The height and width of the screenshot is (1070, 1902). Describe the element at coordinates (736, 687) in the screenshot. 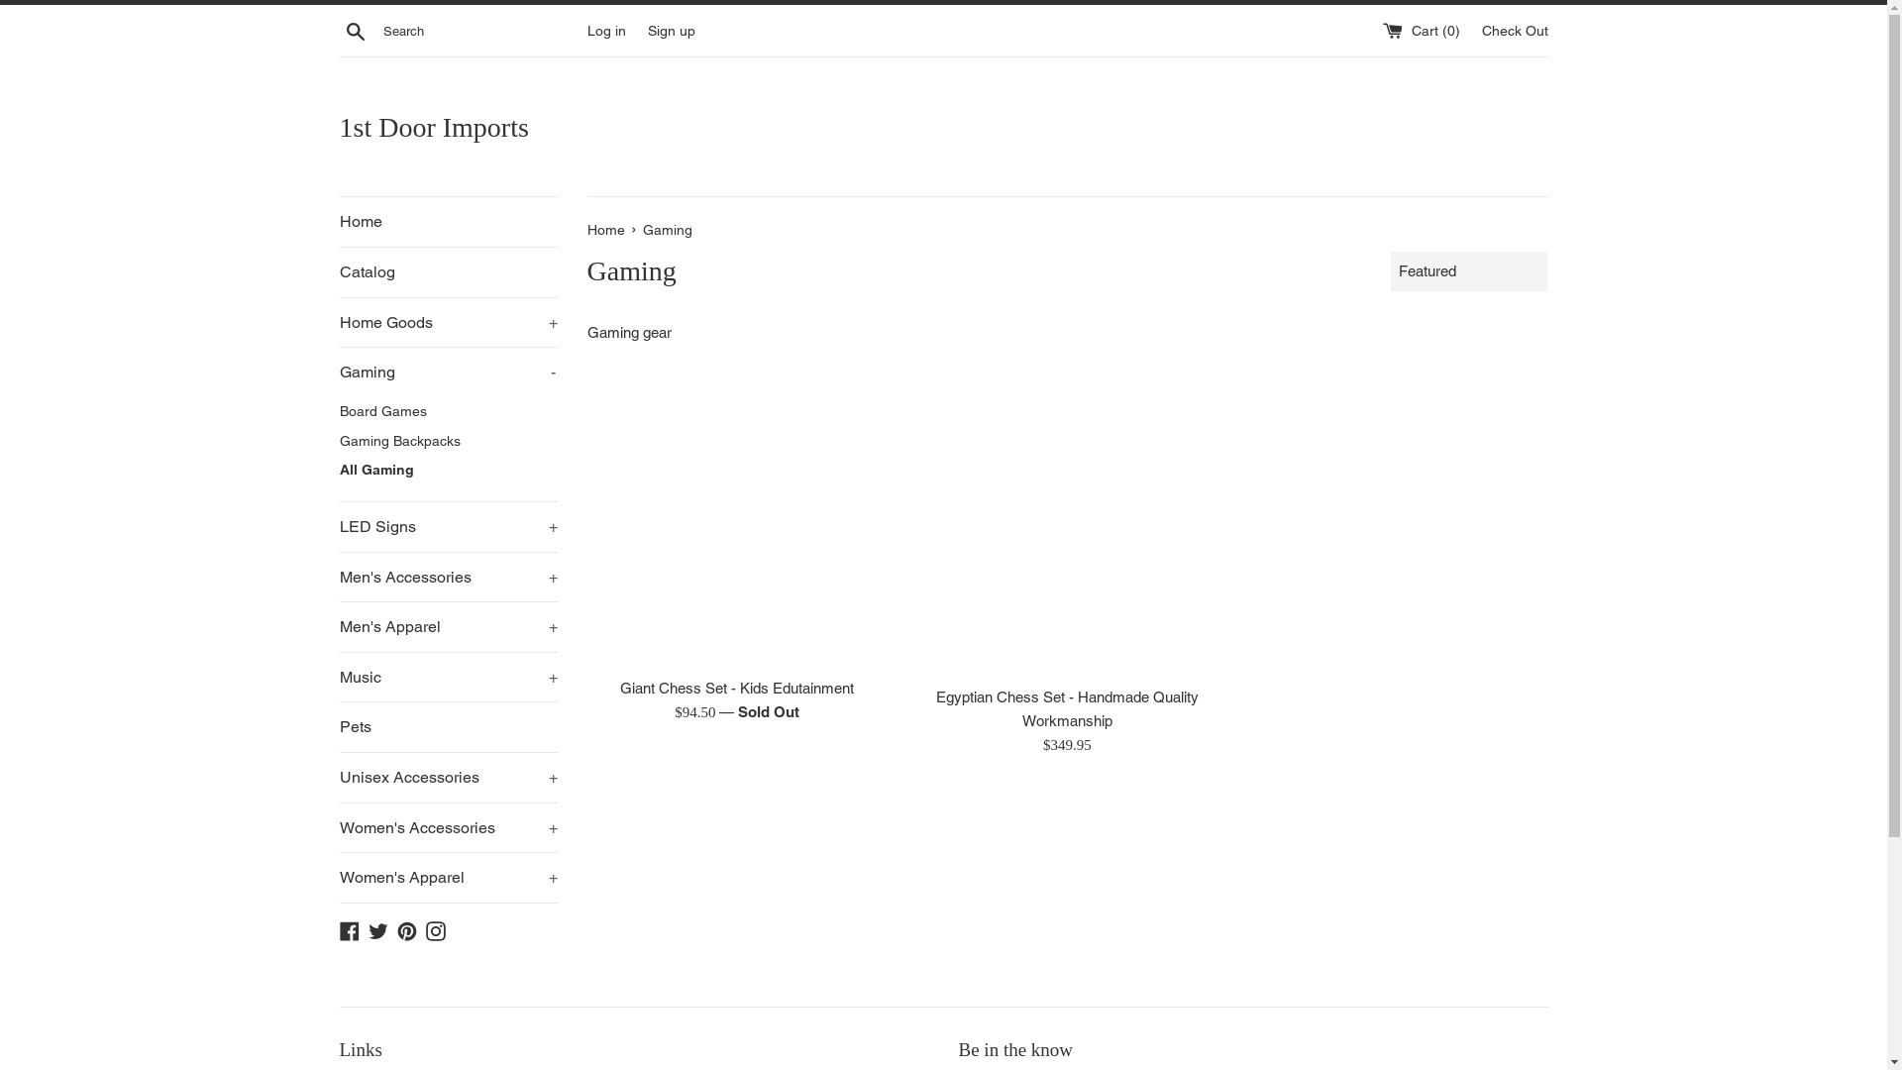

I see `'Giant Chess Set - Kids Edutainment'` at that location.